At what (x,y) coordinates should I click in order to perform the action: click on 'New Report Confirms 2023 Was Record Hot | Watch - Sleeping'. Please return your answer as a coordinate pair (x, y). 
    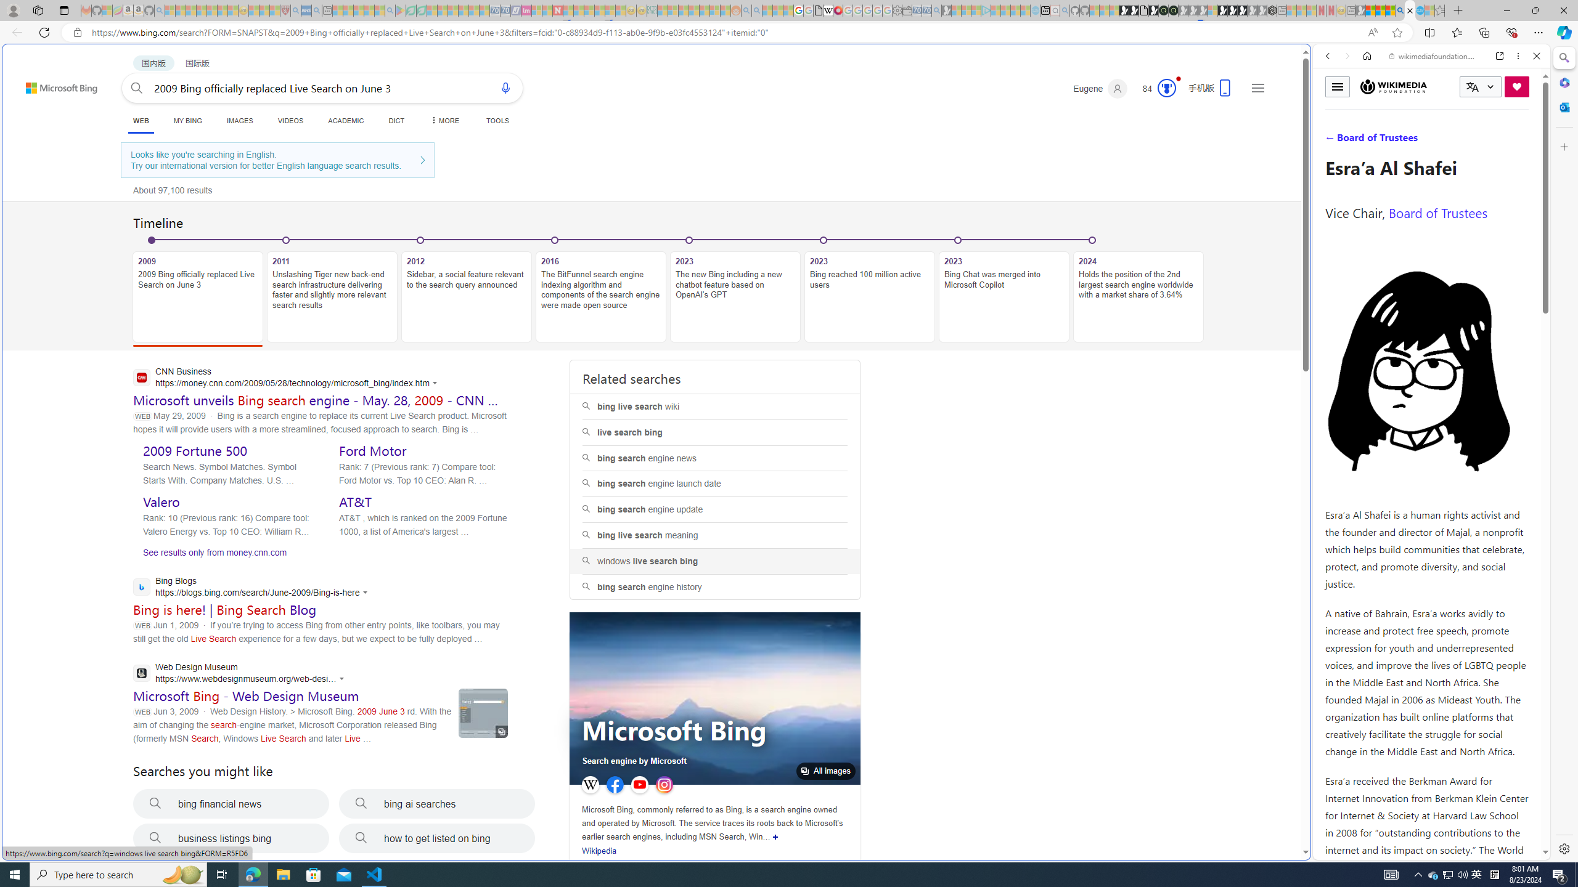
    Looking at the image, I should click on (211, 10).